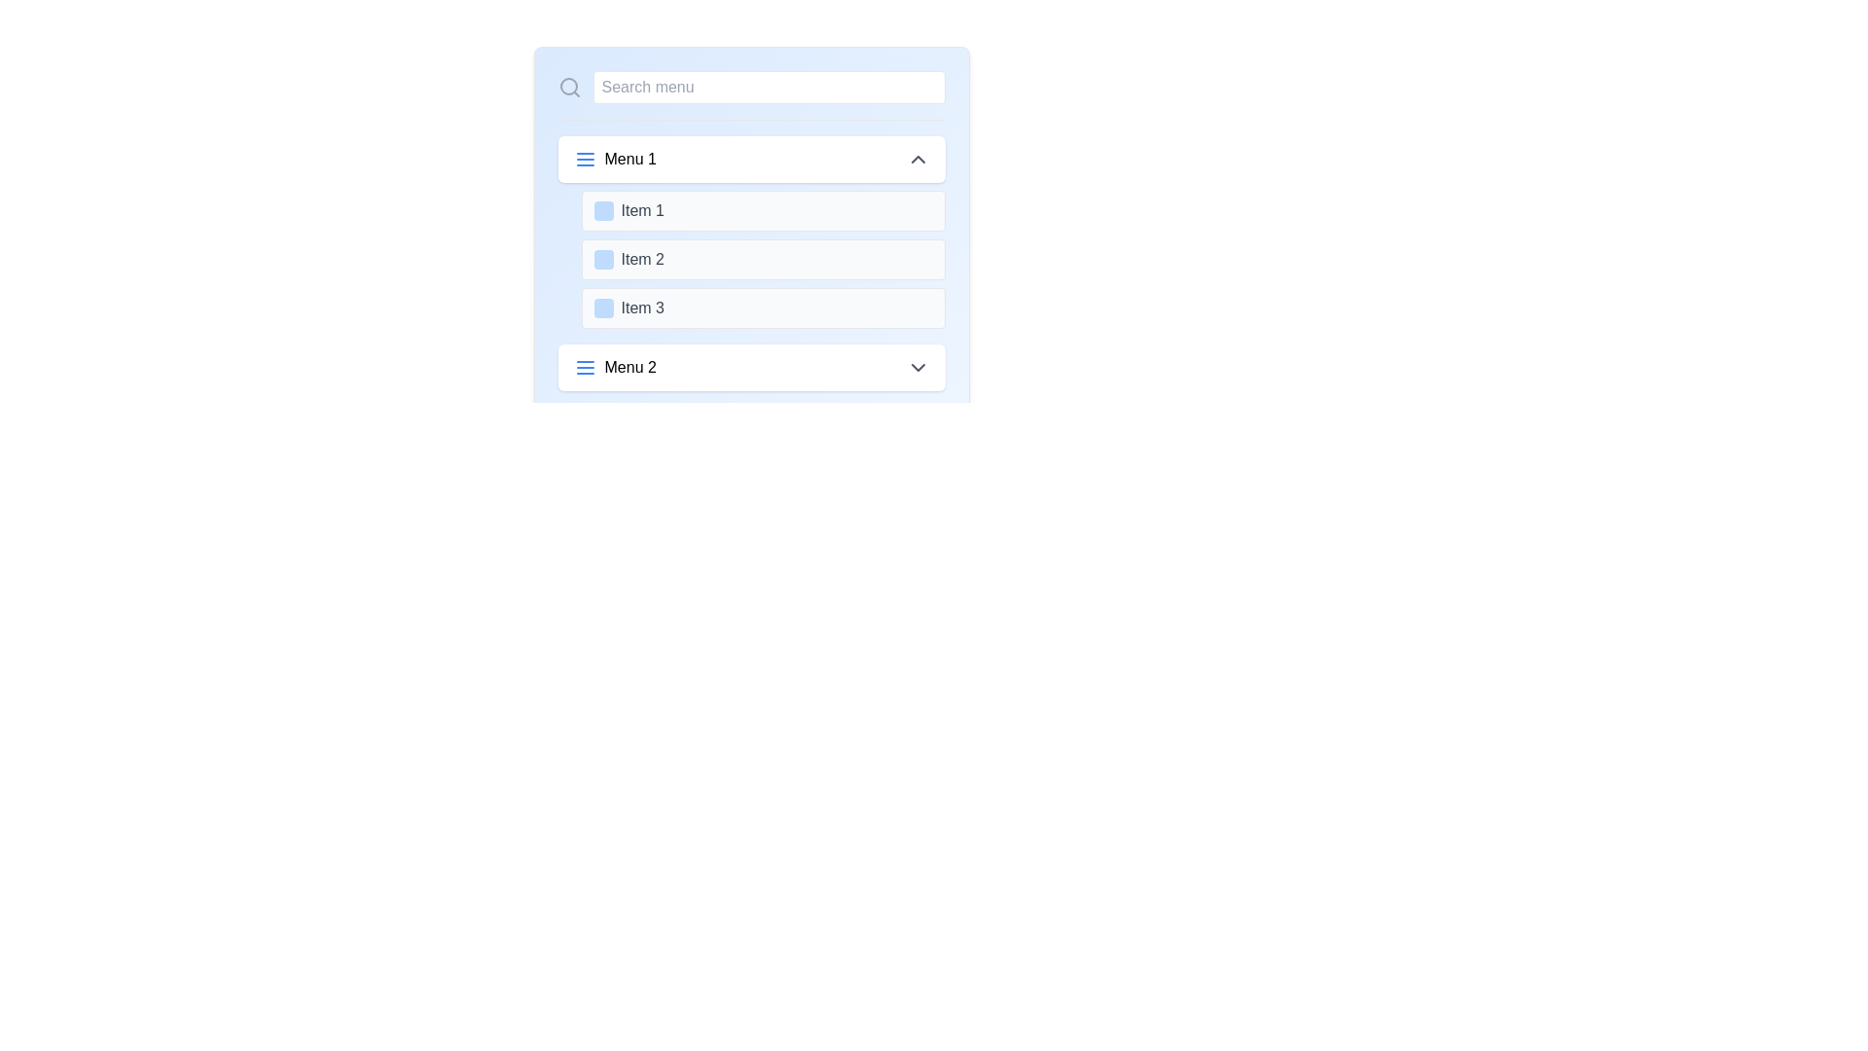 The width and height of the screenshot is (1868, 1051). What do you see at coordinates (614, 159) in the screenshot?
I see `the collapsible menu item labeled 'Menu 1'` at bounding box center [614, 159].